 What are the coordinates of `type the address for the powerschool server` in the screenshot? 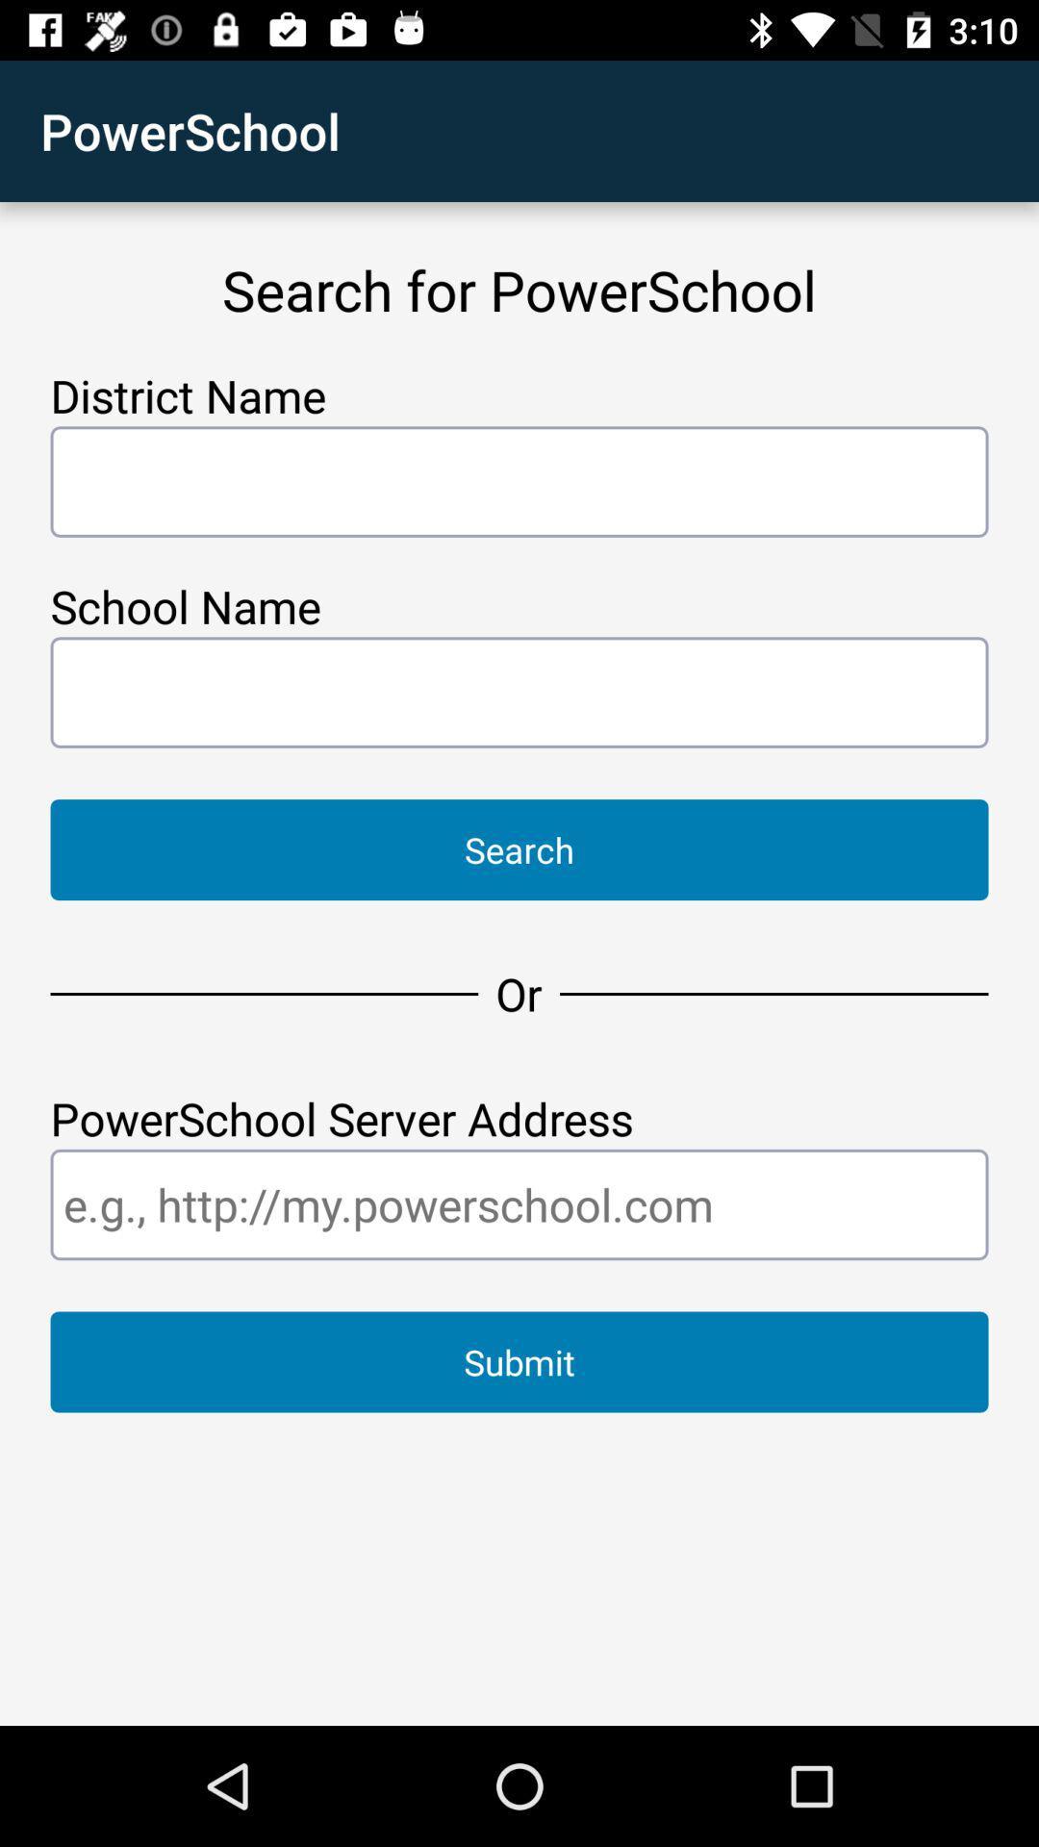 It's located at (519, 1203).